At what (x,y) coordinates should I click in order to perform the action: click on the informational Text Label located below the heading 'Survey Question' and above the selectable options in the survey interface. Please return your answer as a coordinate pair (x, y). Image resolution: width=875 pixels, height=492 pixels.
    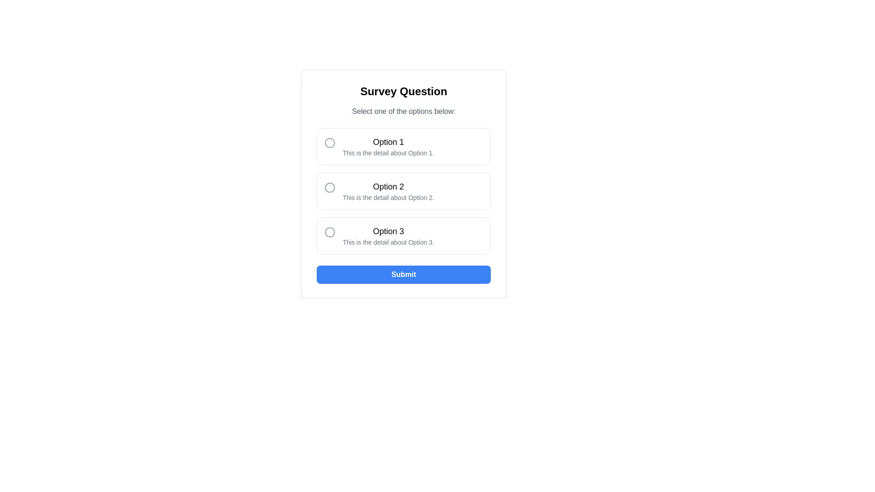
    Looking at the image, I should click on (403, 111).